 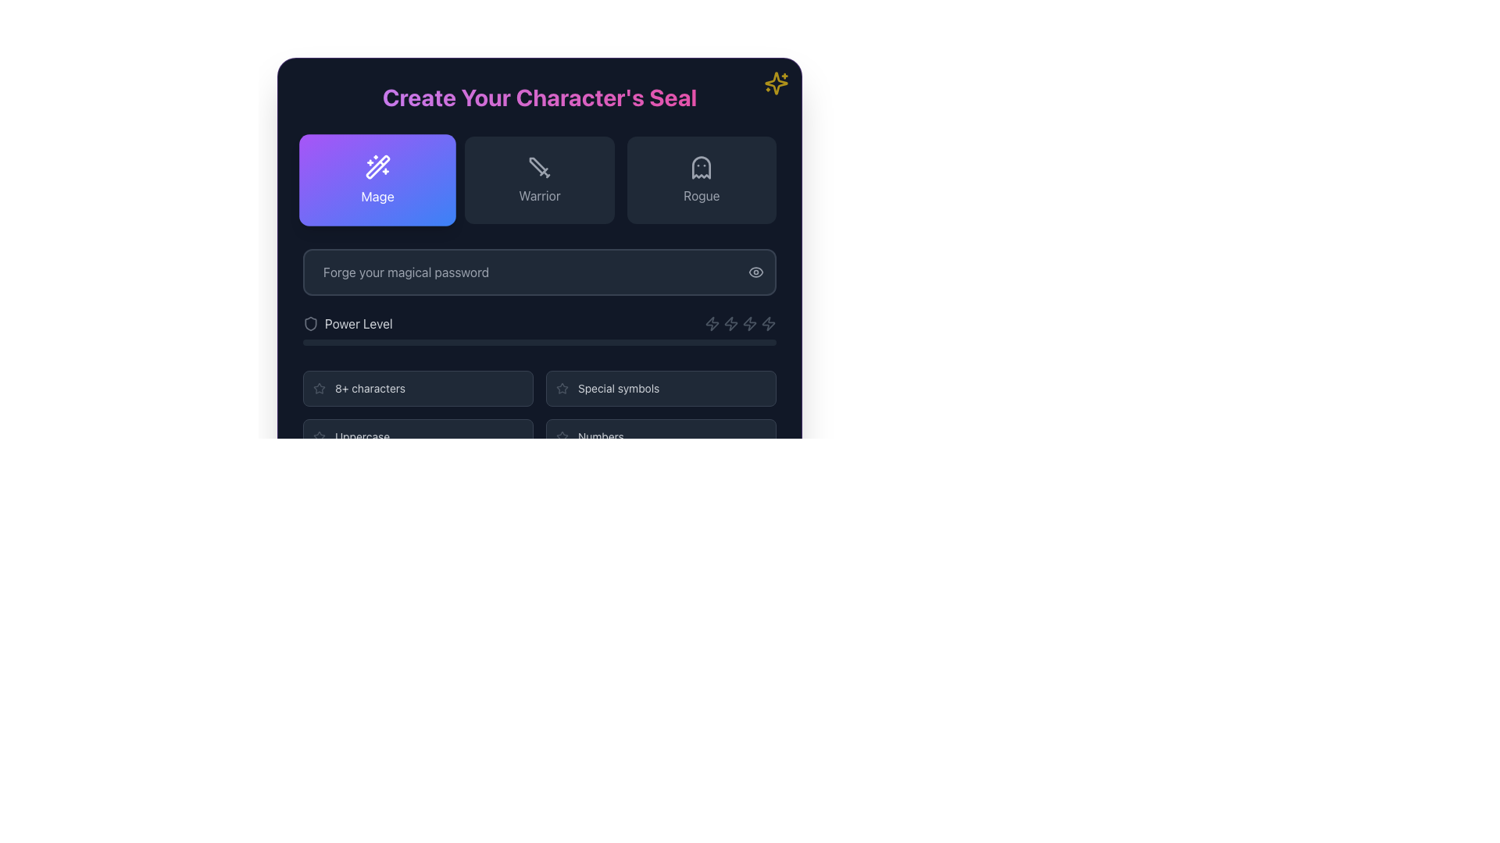 What do you see at coordinates (768, 323) in the screenshot?
I see `the seventh lightning bolt icon located below the password input field, which serves as a visual indication for password functionality` at bounding box center [768, 323].